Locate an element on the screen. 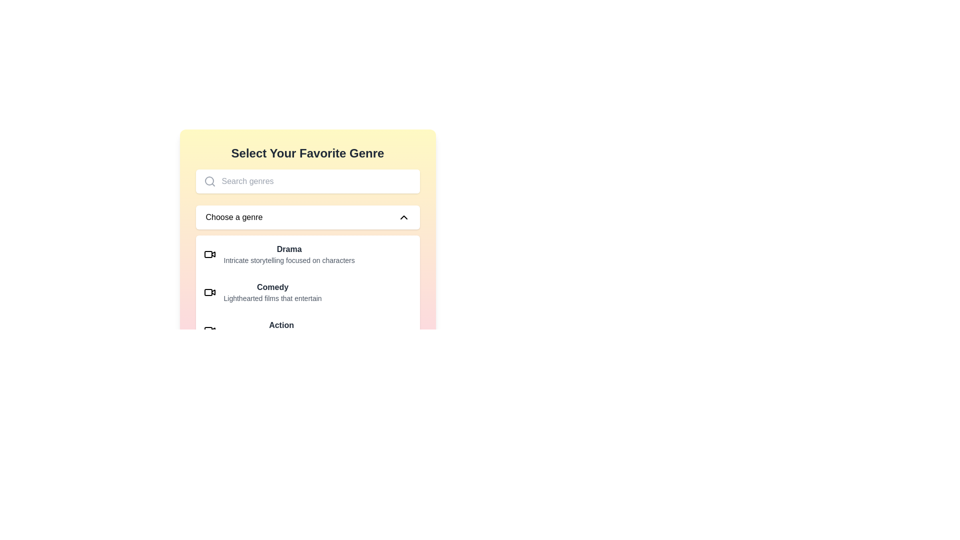 This screenshot has height=540, width=960. descriptive text label for the genre category 'Drama', which provides users insight into the genre is located at coordinates (288, 259).